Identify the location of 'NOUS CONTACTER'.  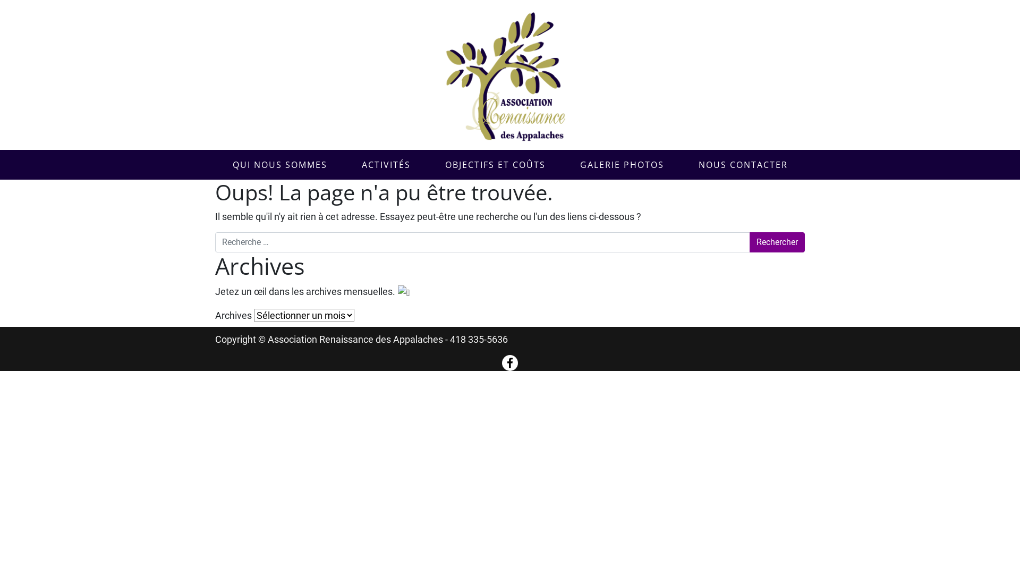
(742, 164).